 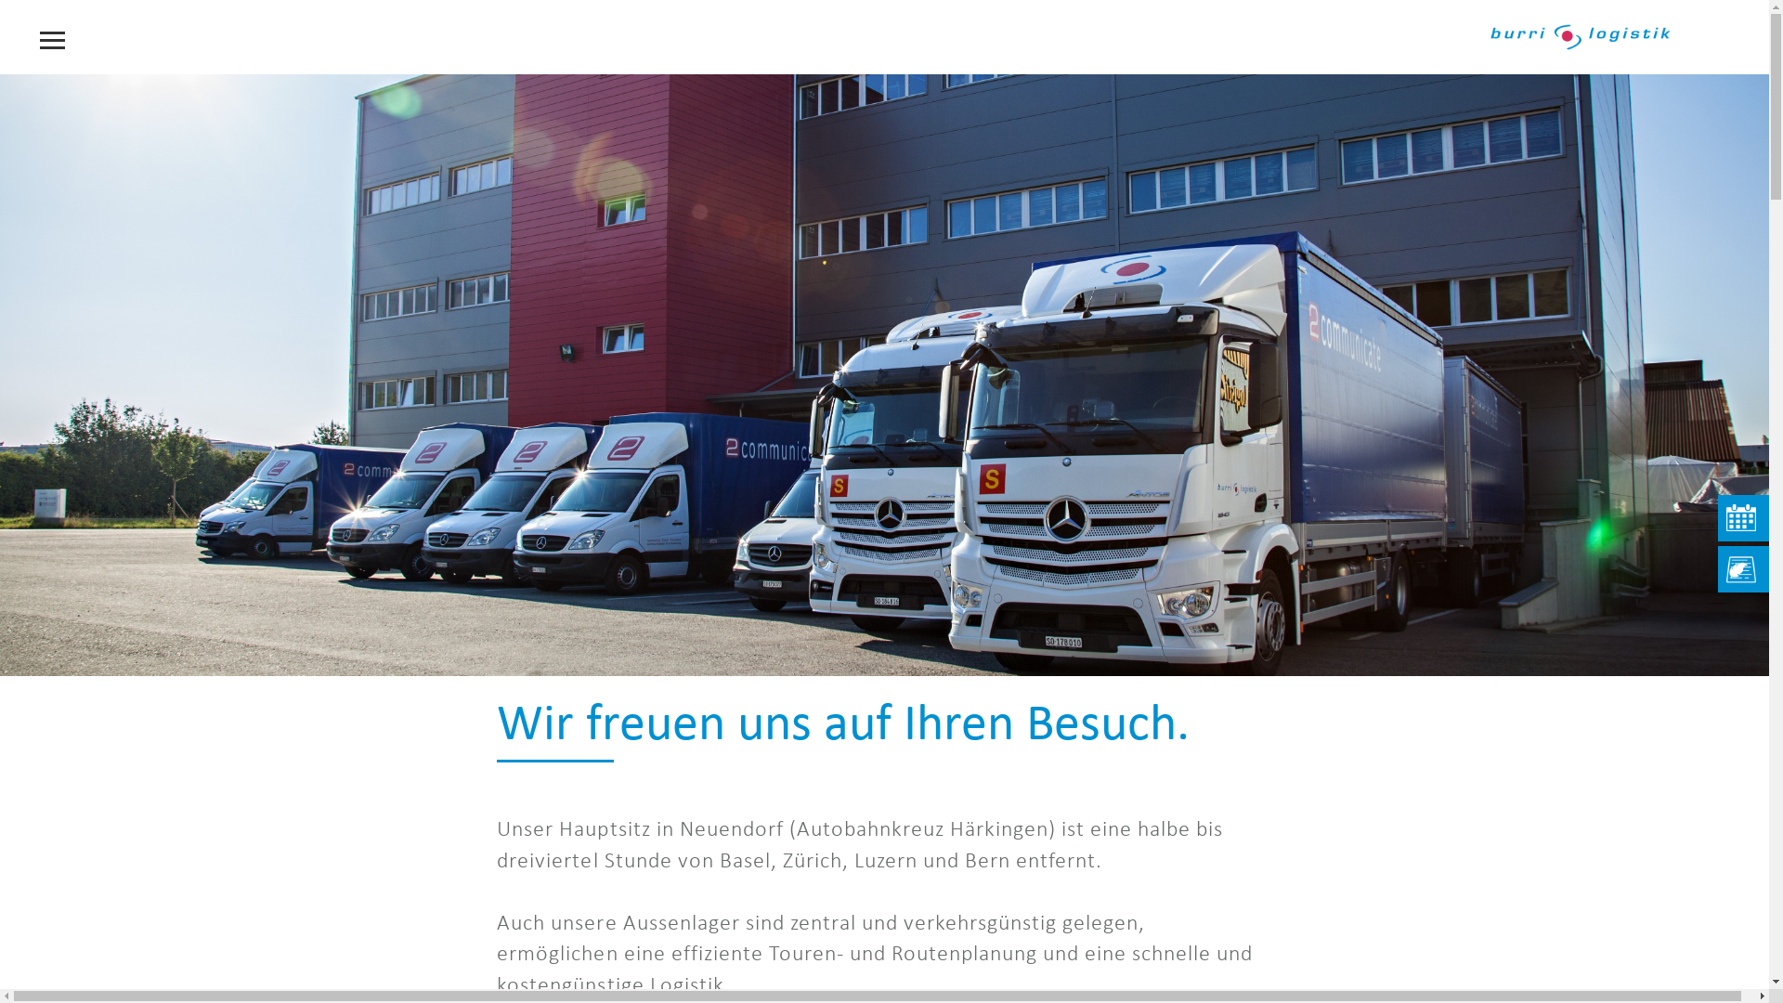 What do you see at coordinates (1580, 36) in the screenshot?
I see `'Burri Logistik Logo'` at bounding box center [1580, 36].